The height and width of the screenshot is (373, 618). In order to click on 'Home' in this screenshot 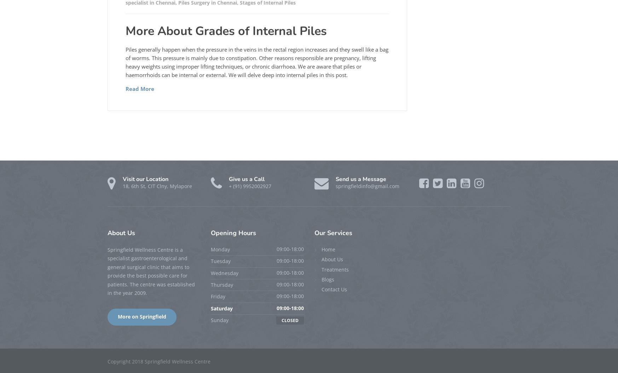, I will do `click(328, 249)`.